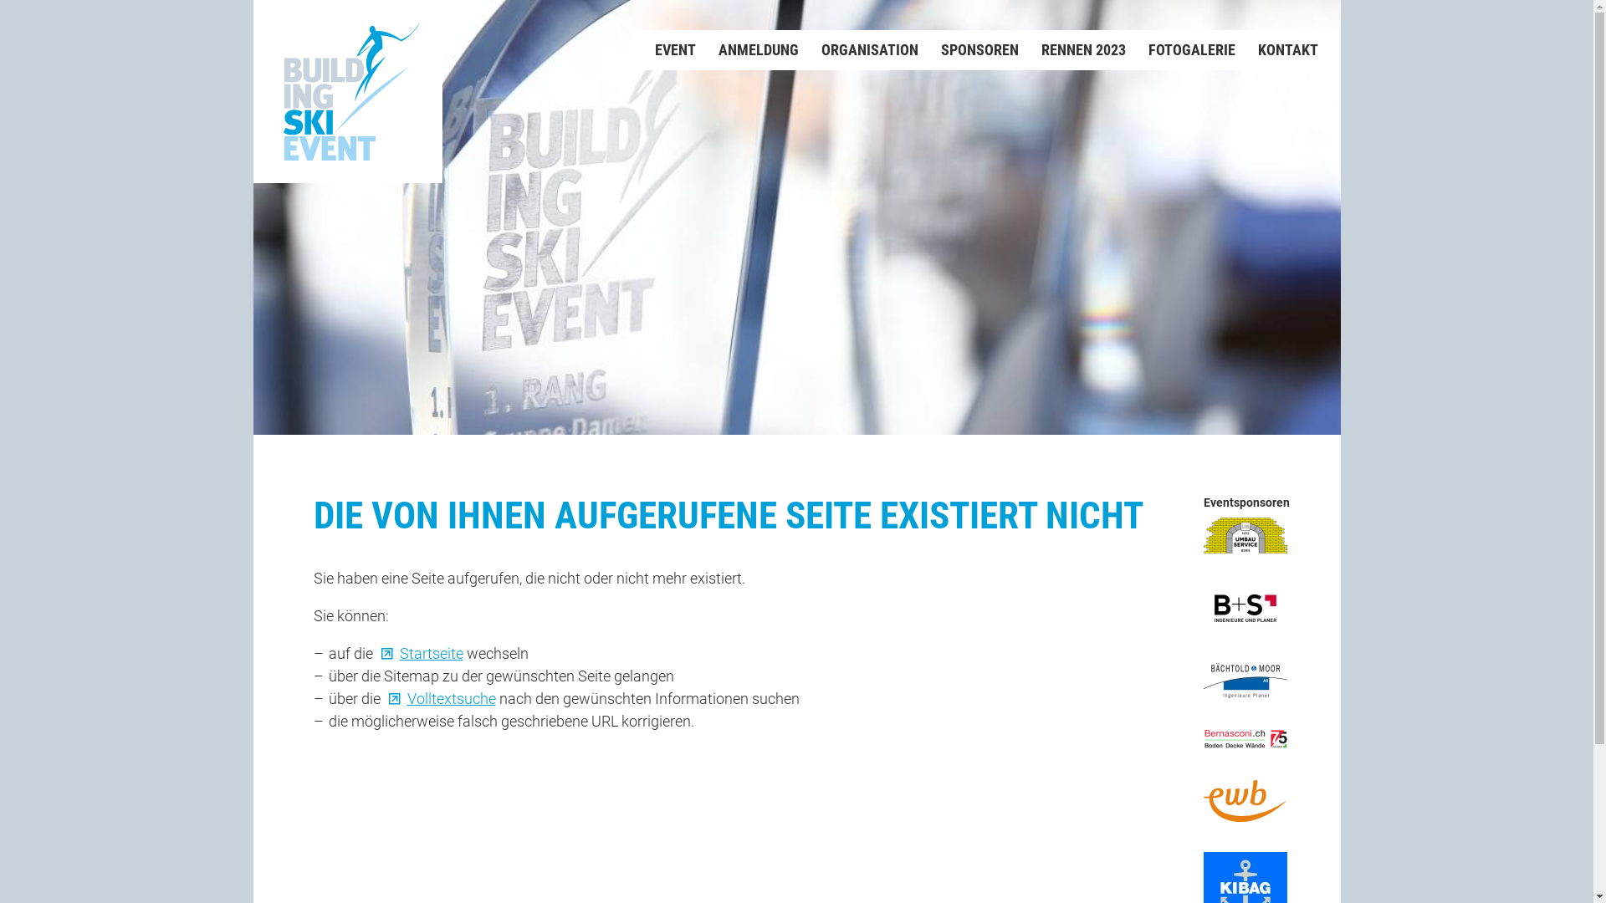 The image size is (1606, 903). What do you see at coordinates (968, 49) in the screenshot?
I see `'SPONSOREN'` at bounding box center [968, 49].